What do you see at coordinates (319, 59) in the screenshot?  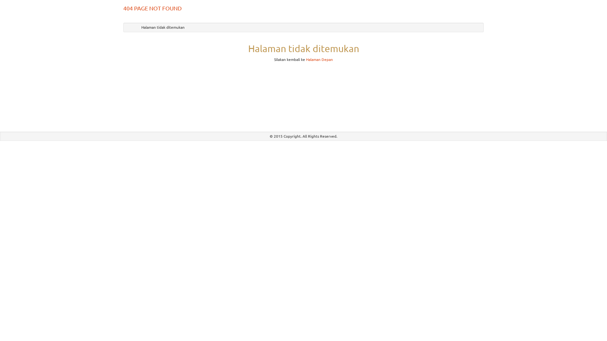 I see `'Halaman Depan'` at bounding box center [319, 59].